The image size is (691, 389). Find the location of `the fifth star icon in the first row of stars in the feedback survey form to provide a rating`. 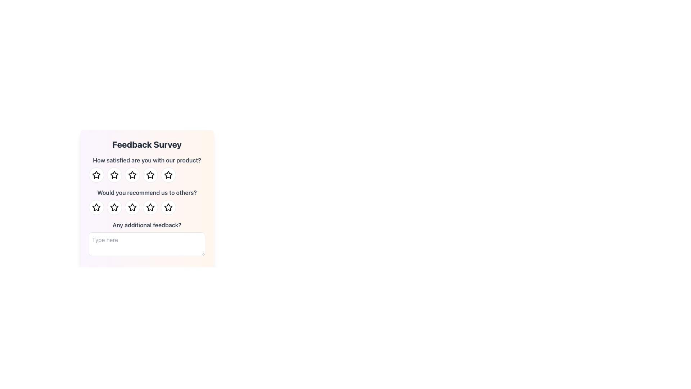

the fifth star icon in the first row of stars in the feedback survey form to provide a rating is located at coordinates (168, 175).